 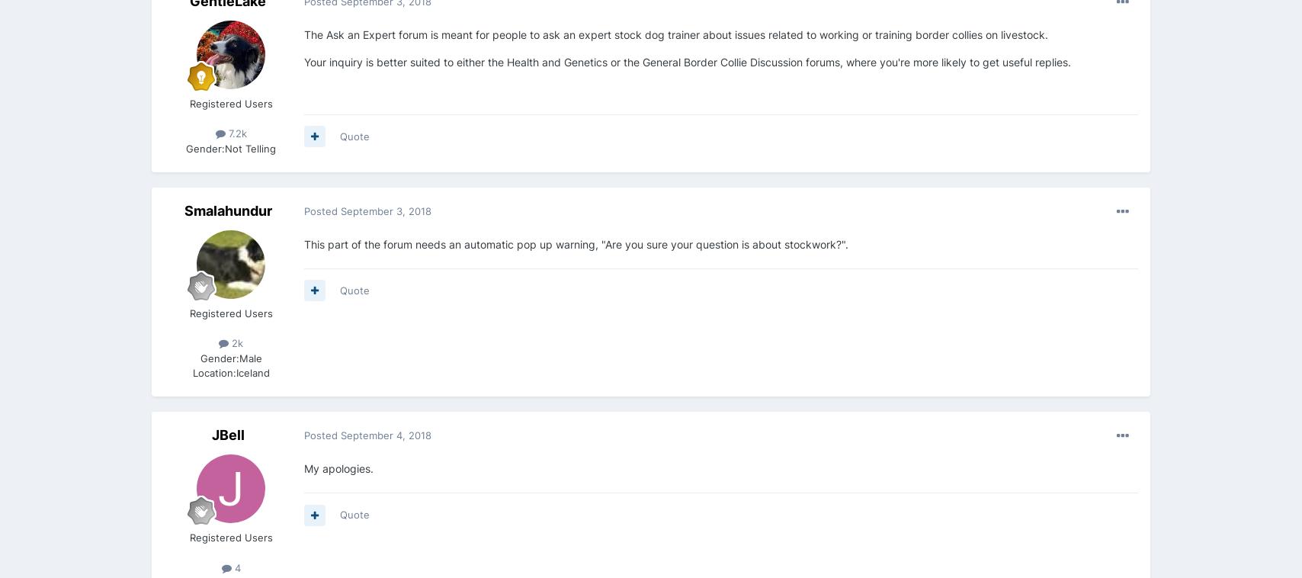 What do you see at coordinates (687, 61) in the screenshot?
I see `'Your inquiry is better suited to either the Health and Genetics or the General Border Collie Discussion forums, where you're more likely to get useful replies.'` at bounding box center [687, 61].